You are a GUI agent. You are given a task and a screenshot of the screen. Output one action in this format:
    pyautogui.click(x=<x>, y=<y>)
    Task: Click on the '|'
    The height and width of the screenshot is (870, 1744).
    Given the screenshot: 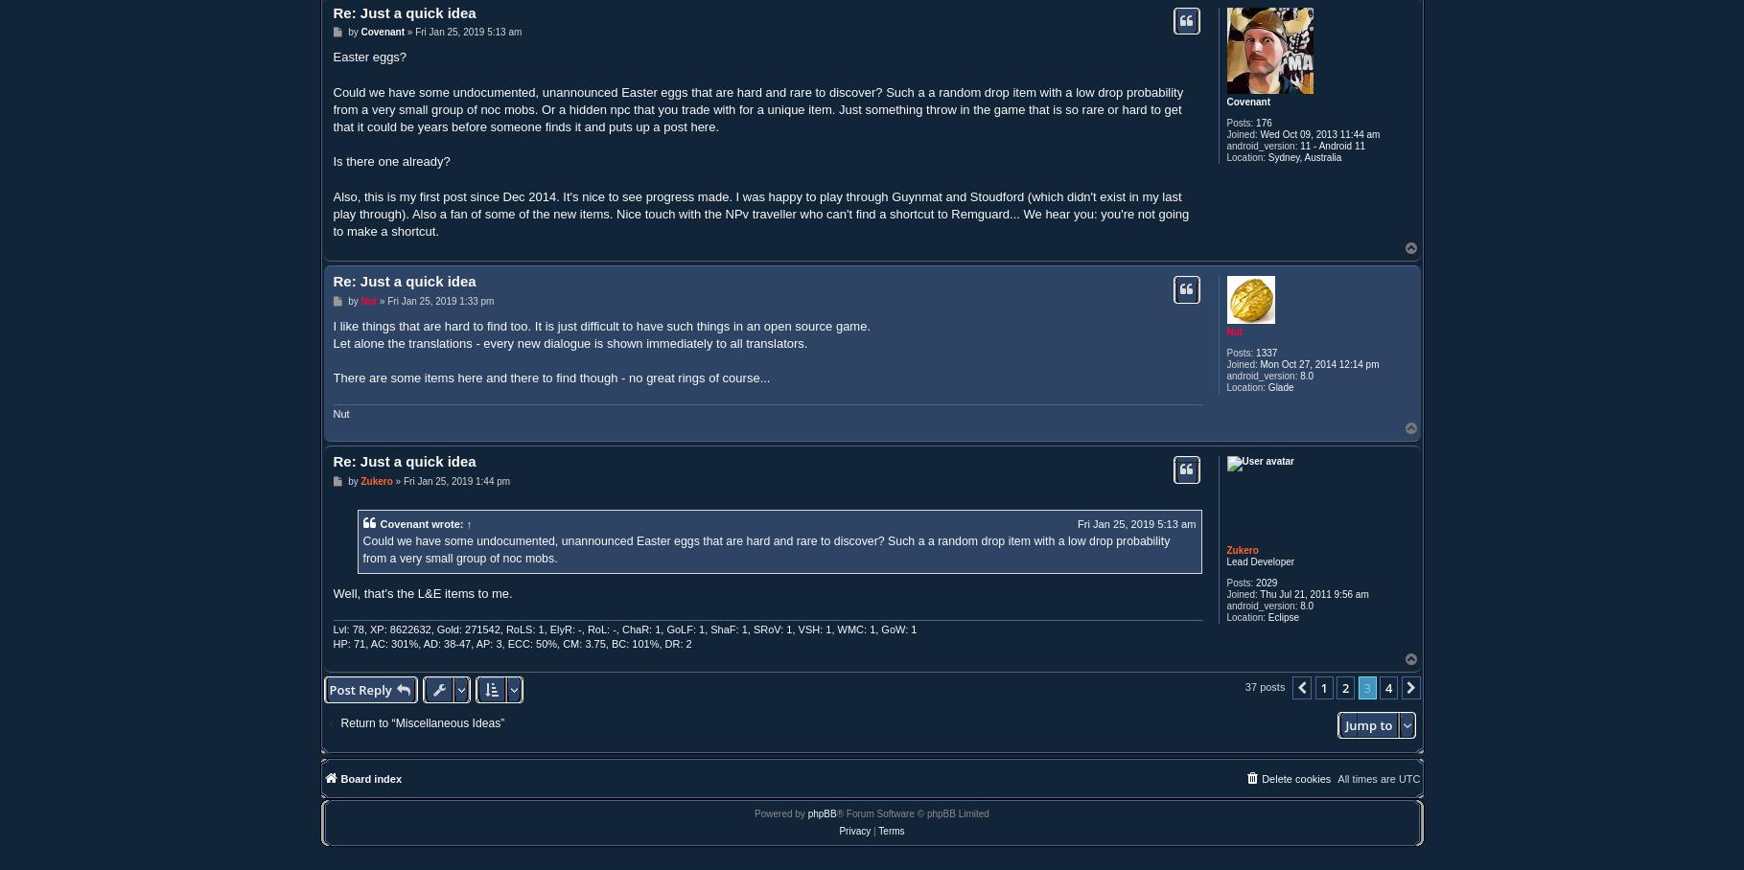 What is the action you would take?
    pyautogui.click(x=873, y=830)
    